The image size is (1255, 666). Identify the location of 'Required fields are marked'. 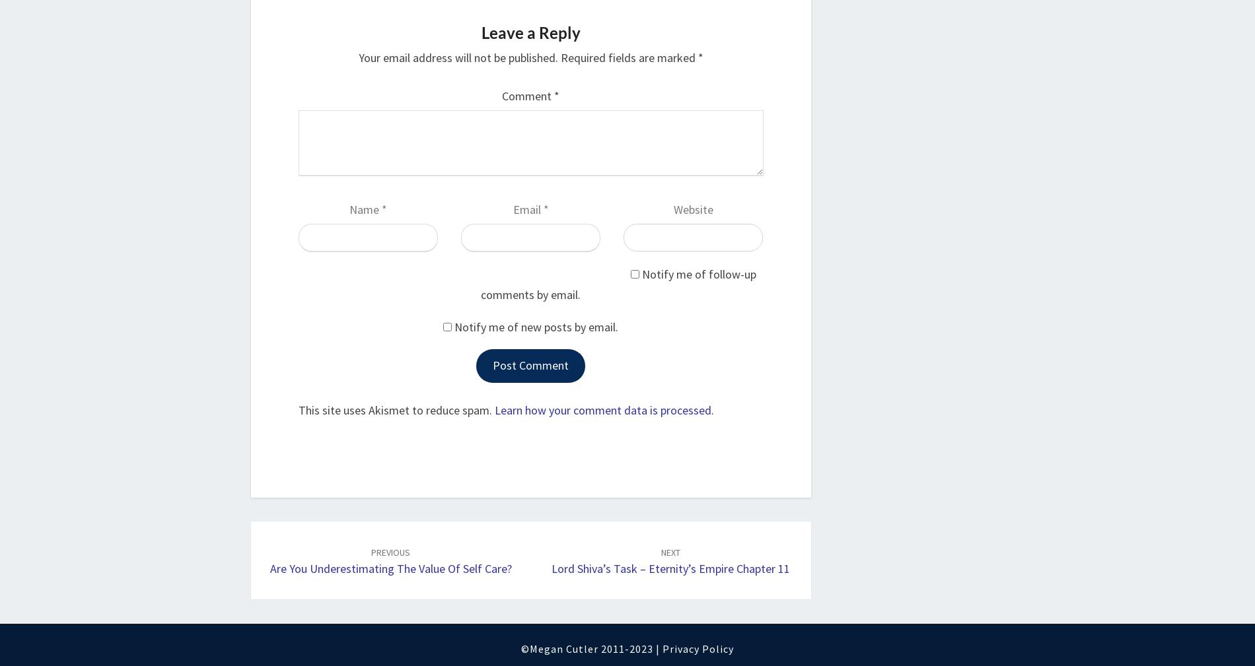
(629, 57).